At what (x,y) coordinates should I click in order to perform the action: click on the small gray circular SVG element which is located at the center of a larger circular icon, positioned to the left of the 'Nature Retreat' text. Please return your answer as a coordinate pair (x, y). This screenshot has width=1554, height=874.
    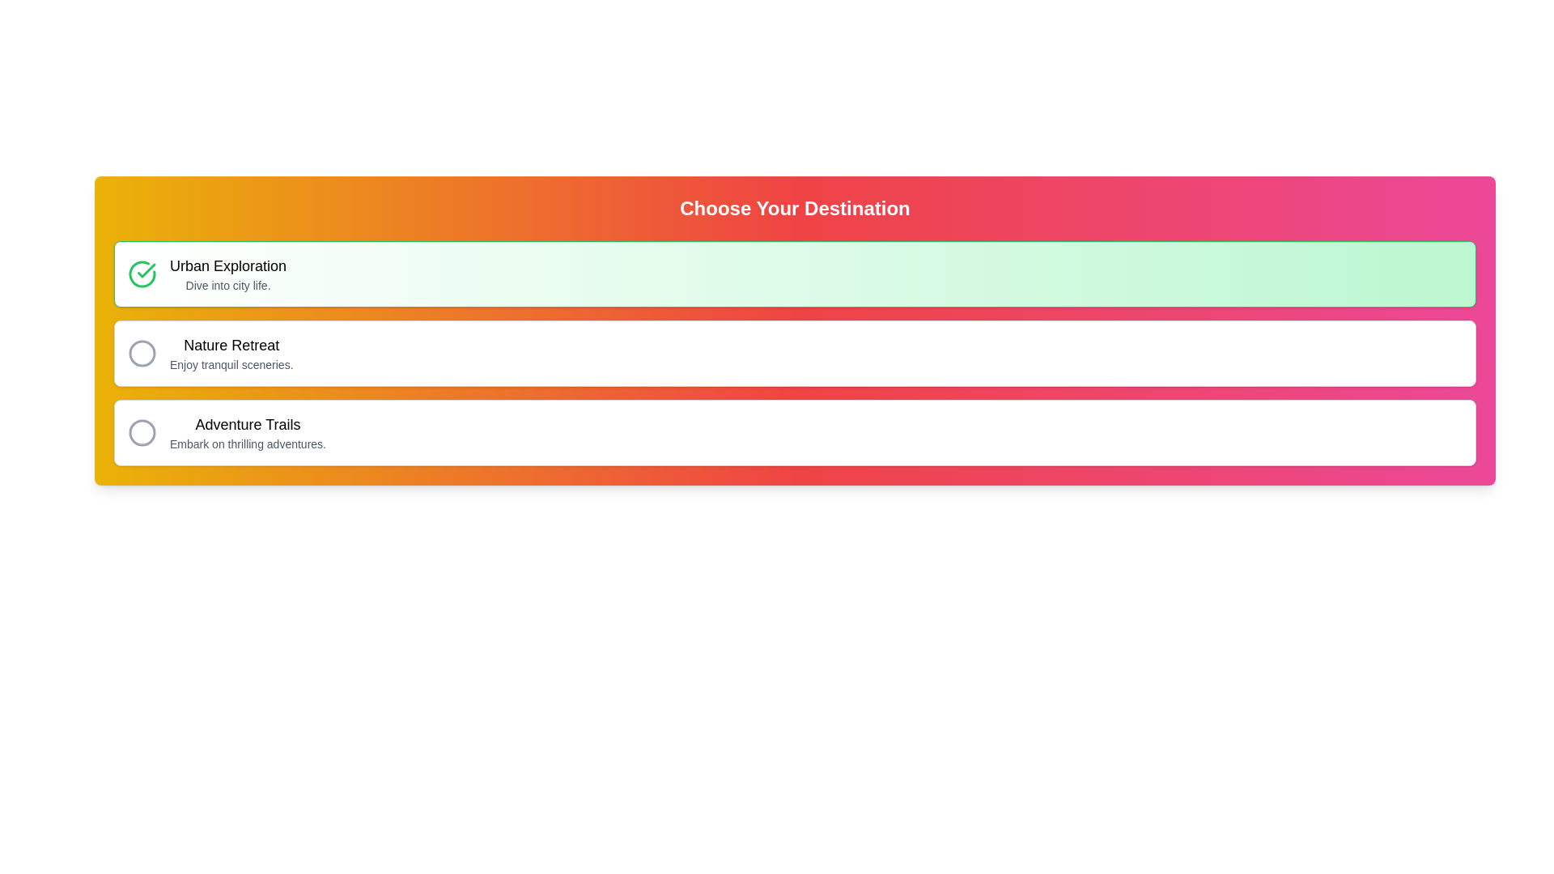
    Looking at the image, I should click on (142, 352).